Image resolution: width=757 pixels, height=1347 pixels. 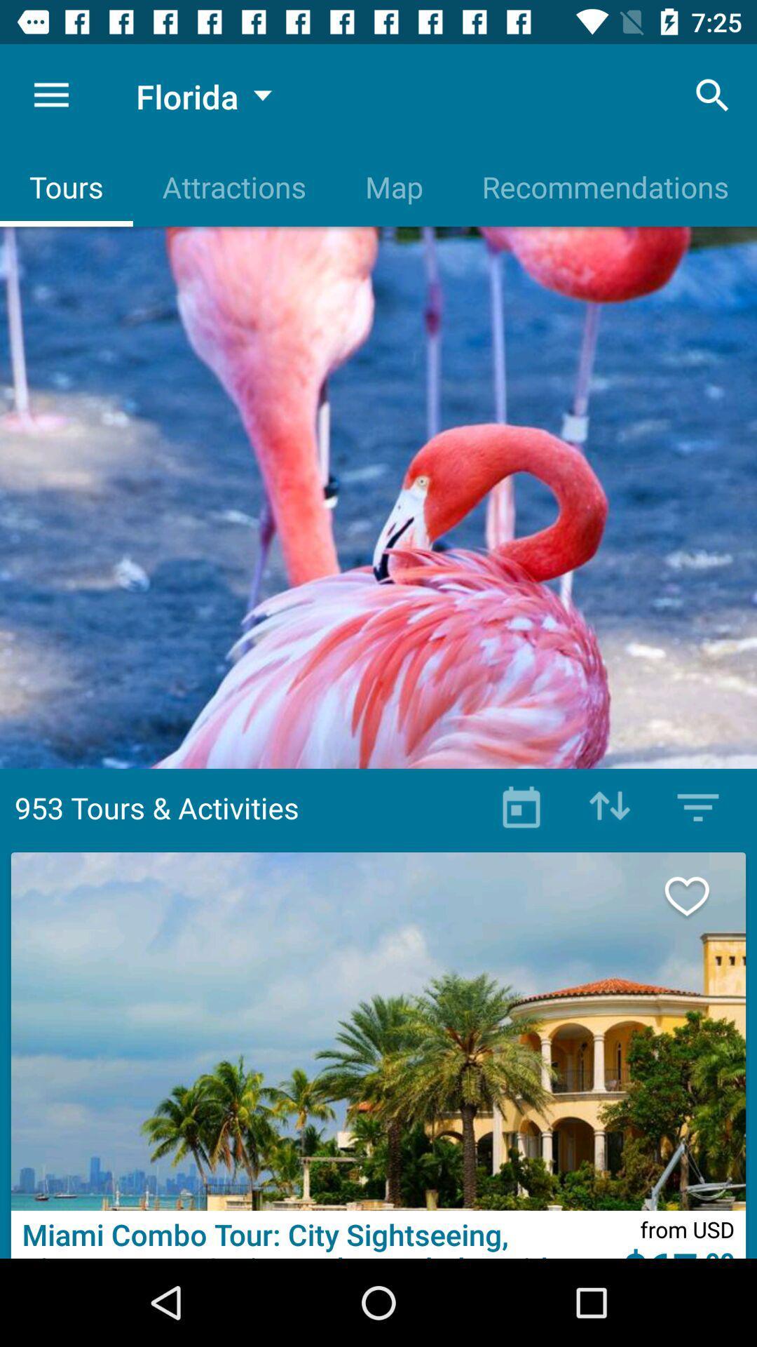 I want to click on show the calendar, so click(x=521, y=807).